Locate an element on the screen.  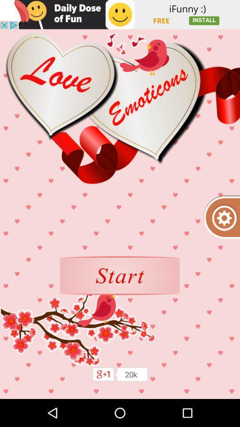
open settings is located at coordinates (221, 217).